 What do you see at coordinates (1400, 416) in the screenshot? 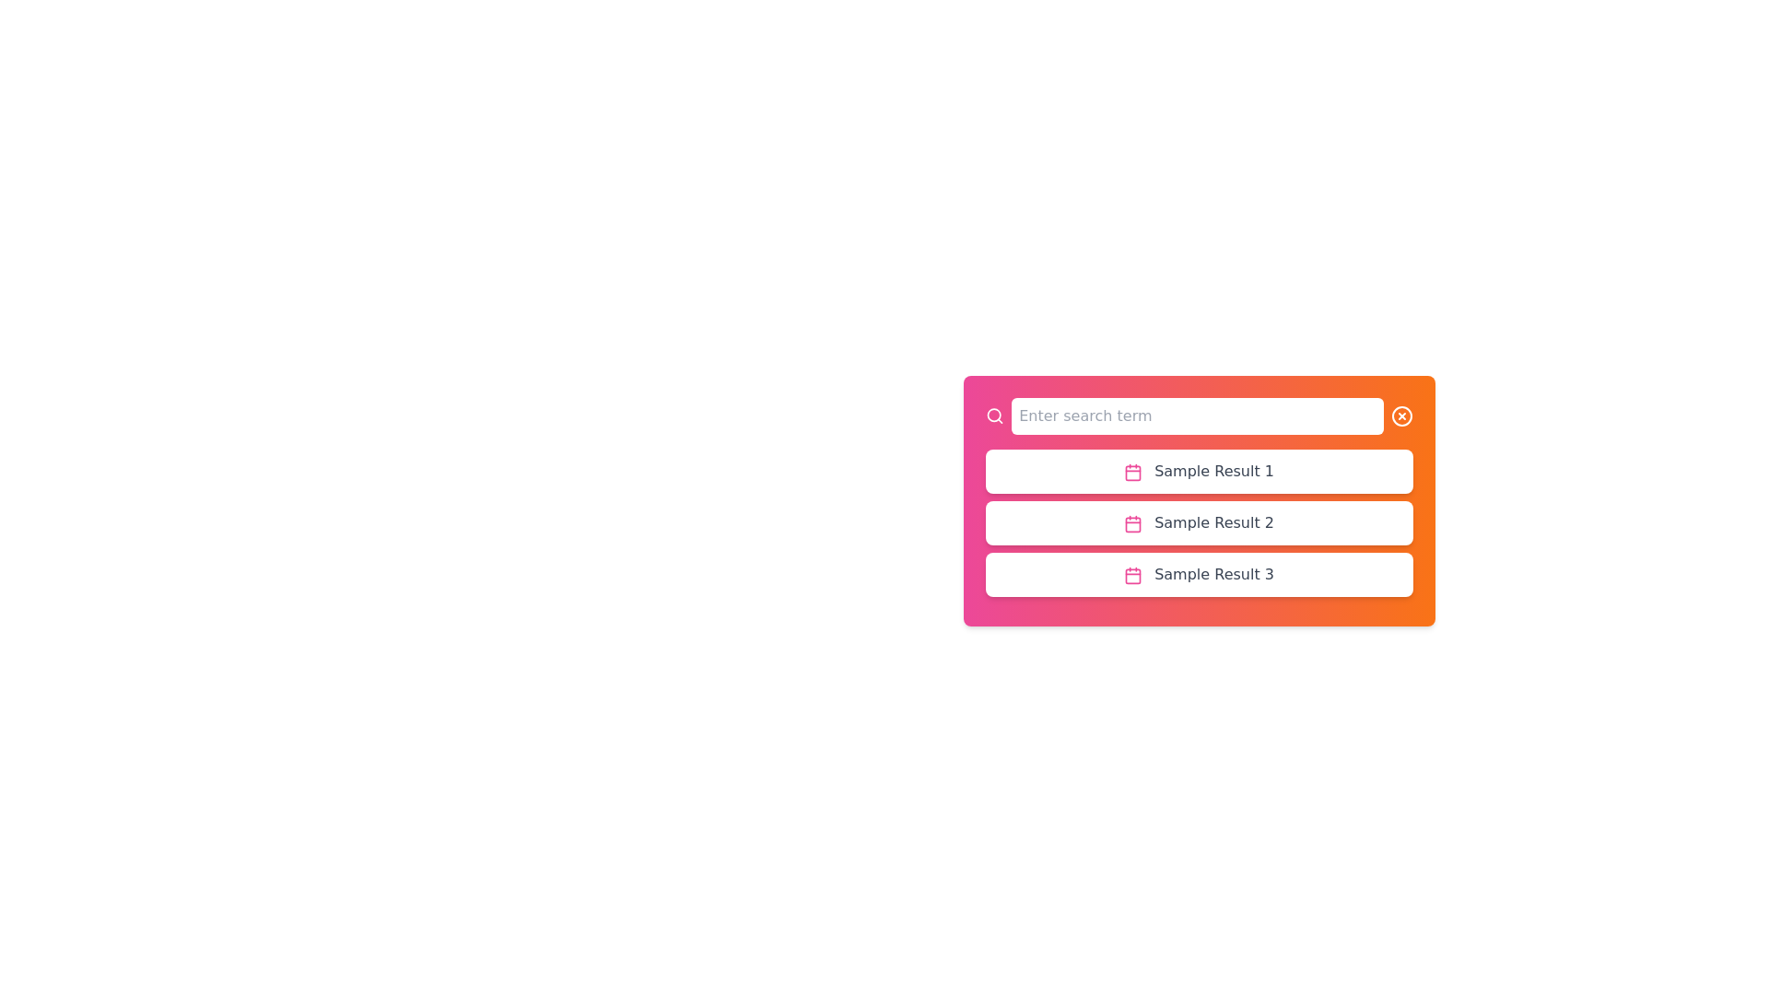
I see `central circle of the top-right corner icon in the pink-orange gradient search bar component` at bounding box center [1400, 416].